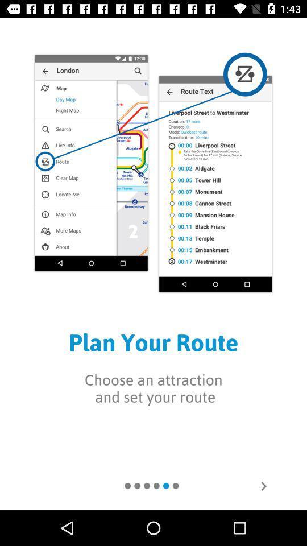 This screenshot has height=546, width=307. What do you see at coordinates (263, 485) in the screenshot?
I see `go forward` at bounding box center [263, 485].